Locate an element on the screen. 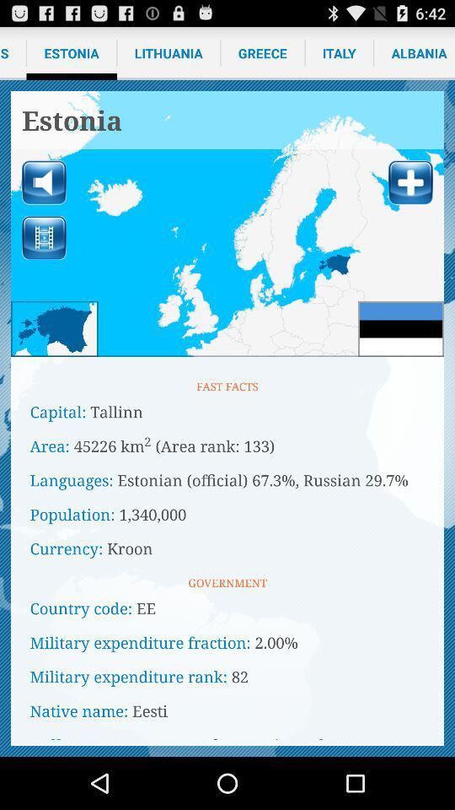 Image resolution: width=455 pixels, height=810 pixels. map is located at coordinates (227, 223).